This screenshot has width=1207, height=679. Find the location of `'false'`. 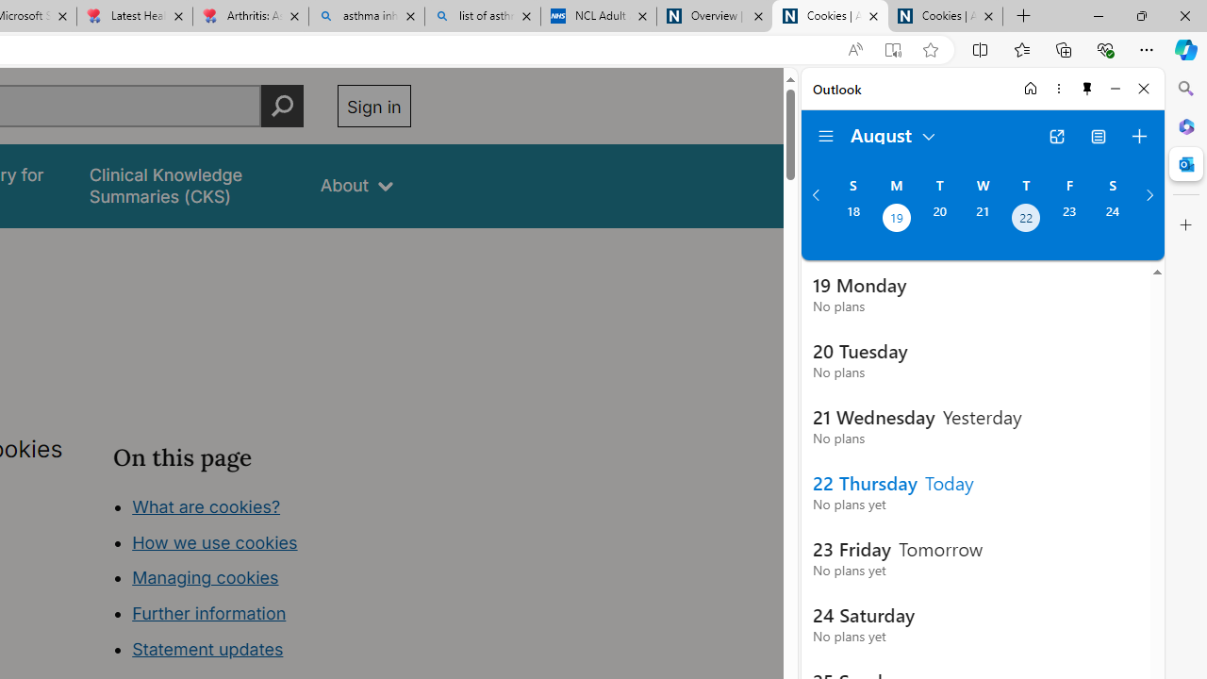

'false' is located at coordinates (188, 186).